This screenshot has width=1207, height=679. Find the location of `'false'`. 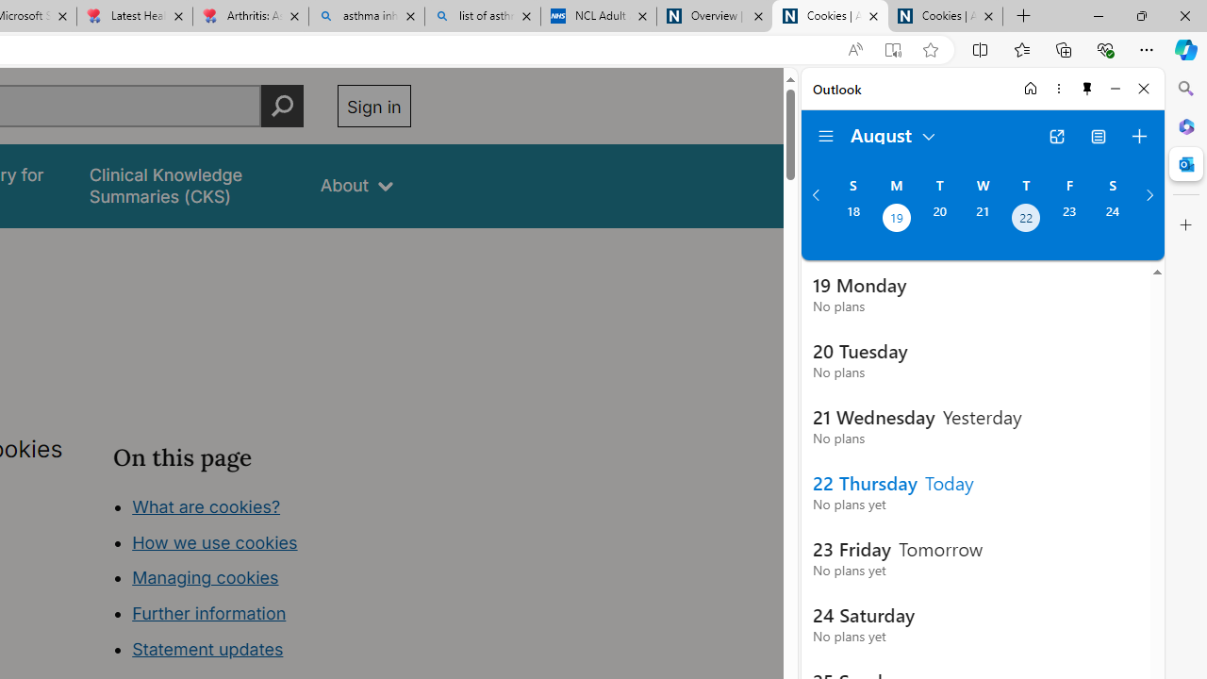

'false' is located at coordinates (188, 186).